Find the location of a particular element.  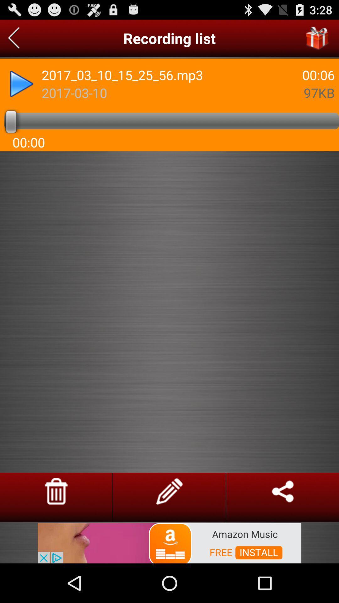

settings option is located at coordinates (169, 491).